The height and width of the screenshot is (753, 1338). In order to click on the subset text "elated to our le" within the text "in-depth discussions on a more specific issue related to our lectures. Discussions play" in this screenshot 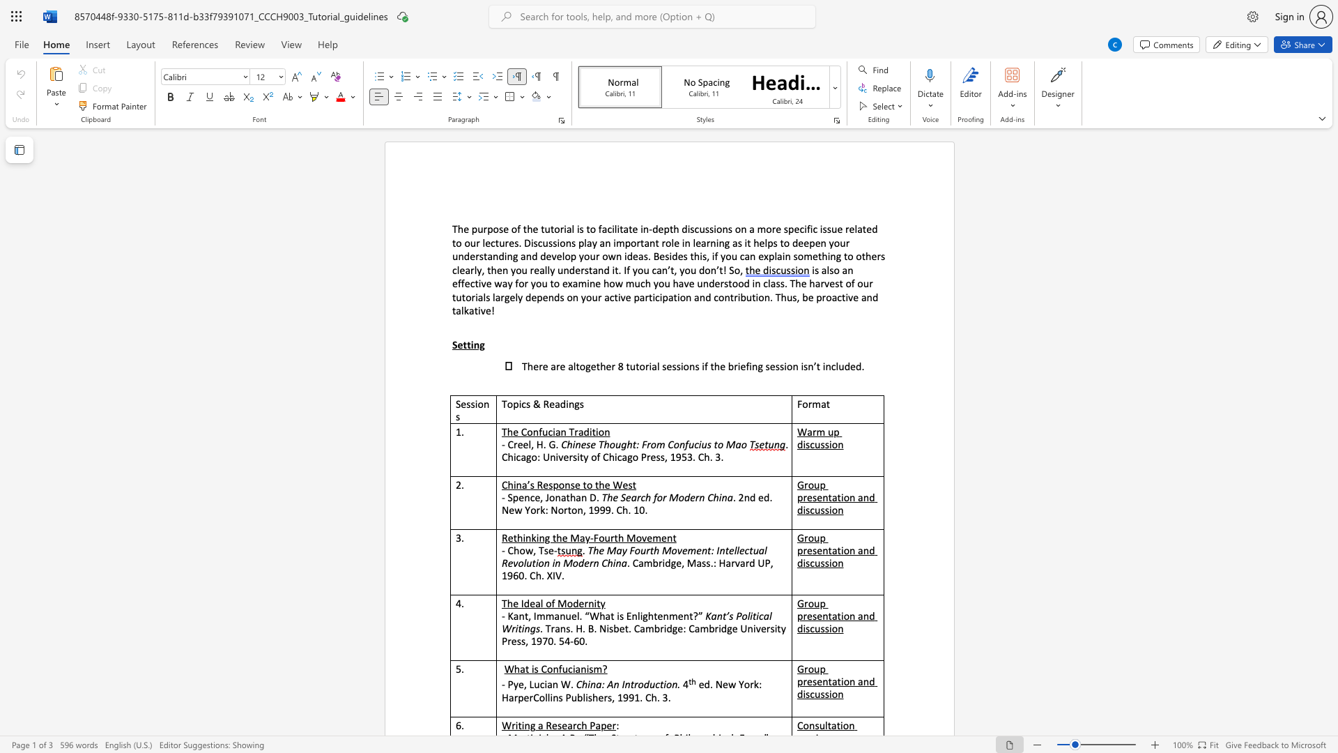, I will do `click(848, 228)`.